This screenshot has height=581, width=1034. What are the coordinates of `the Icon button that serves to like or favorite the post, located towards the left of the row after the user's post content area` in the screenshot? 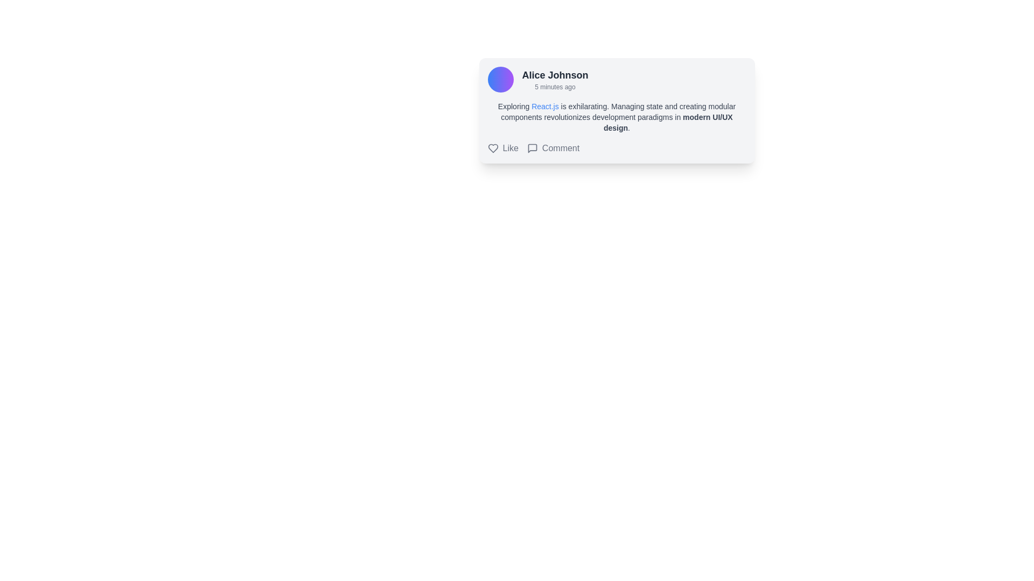 It's located at (492, 148).